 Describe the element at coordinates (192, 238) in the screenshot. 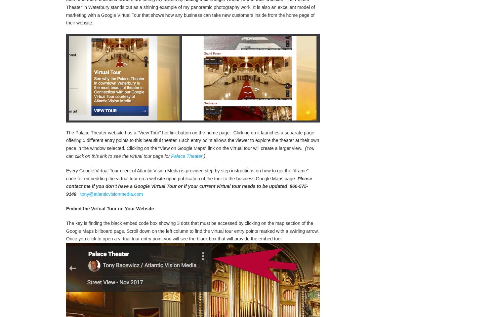

I see `'The key is finding the black embed code box showing 3 dots that must be accessed by clicking on the map section of the Google Maps billboard page. Scroll down on the left column to find the virtual tour entry points marked with a swirling arrow. Once you click to open a virtual tour entry point you will see the black box that will provide the embed tool.'` at that location.